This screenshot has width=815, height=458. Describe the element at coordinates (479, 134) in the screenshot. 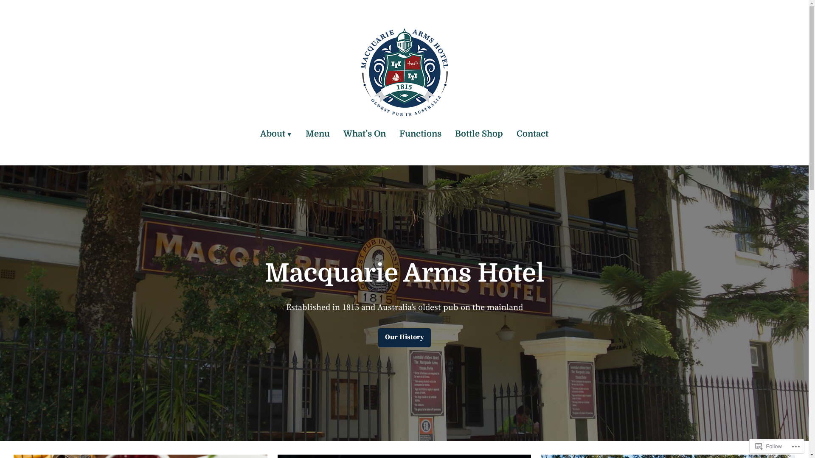

I see `'Bottle Shop'` at that location.